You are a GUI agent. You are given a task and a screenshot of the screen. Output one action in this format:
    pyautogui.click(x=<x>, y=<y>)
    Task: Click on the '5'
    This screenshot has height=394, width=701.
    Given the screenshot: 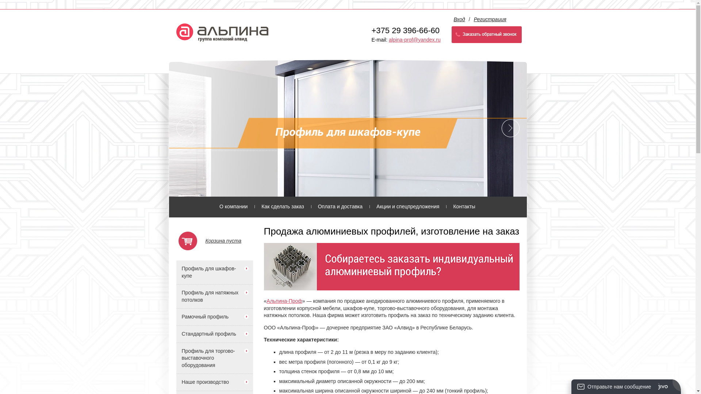 What is the action you would take?
    pyautogui.click(x=380, y=186)
    